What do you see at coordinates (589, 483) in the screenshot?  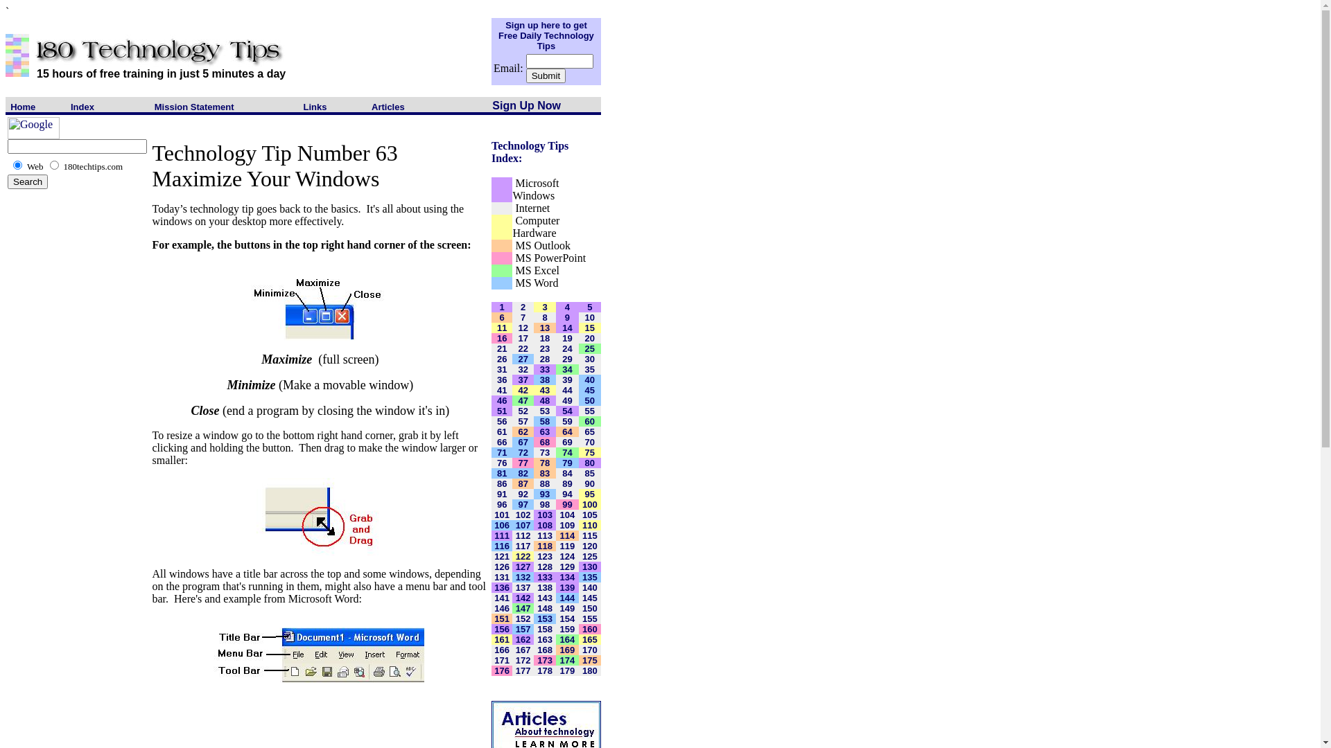 I see `'90'` at bounding box center [589, 483].